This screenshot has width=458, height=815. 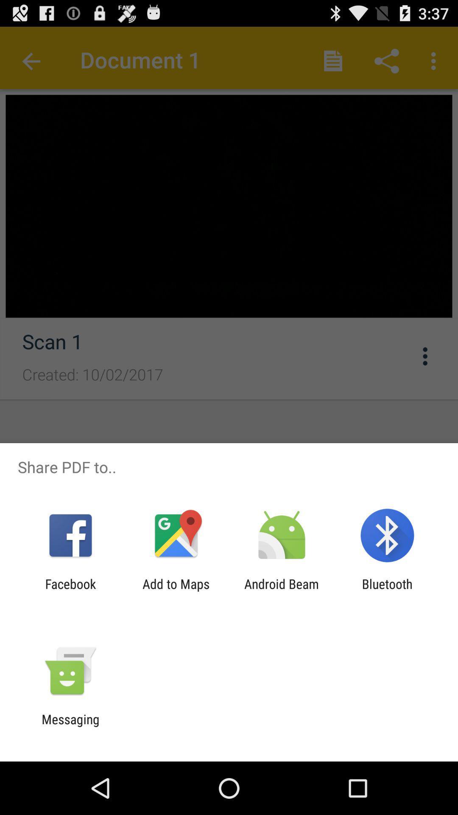 I want to click on the item to the left of the add to maps app, so click(x=70, y=591).